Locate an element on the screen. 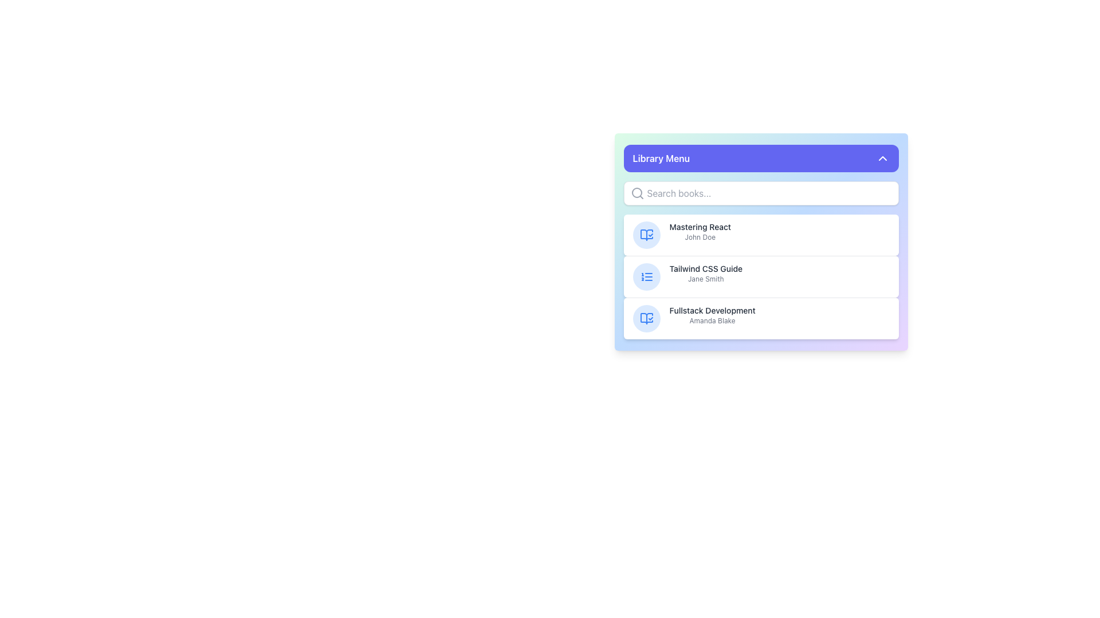  the SVG Icon that signifies an ordered or numbered list, located in the circular blue area to the left of the book title in the 'Library Menu' section is located at coordinates (646, 276).